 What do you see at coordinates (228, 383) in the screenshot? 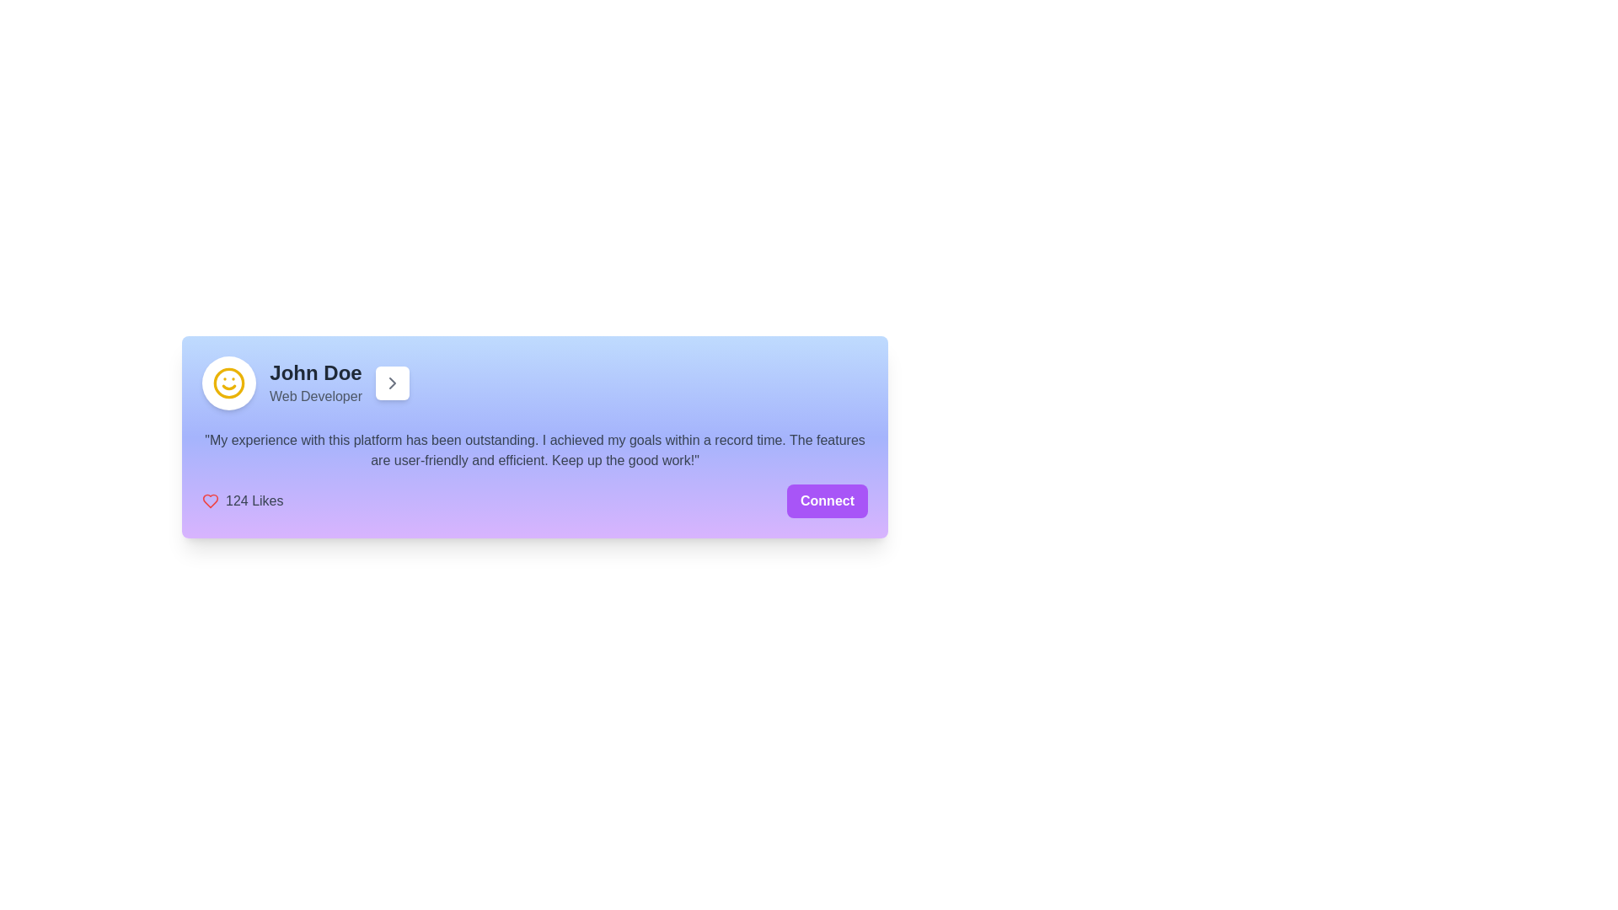
I see `the smiley icon representing user identity located at the center of the profile picture icon on the card component` at bounding box center [228, 383].